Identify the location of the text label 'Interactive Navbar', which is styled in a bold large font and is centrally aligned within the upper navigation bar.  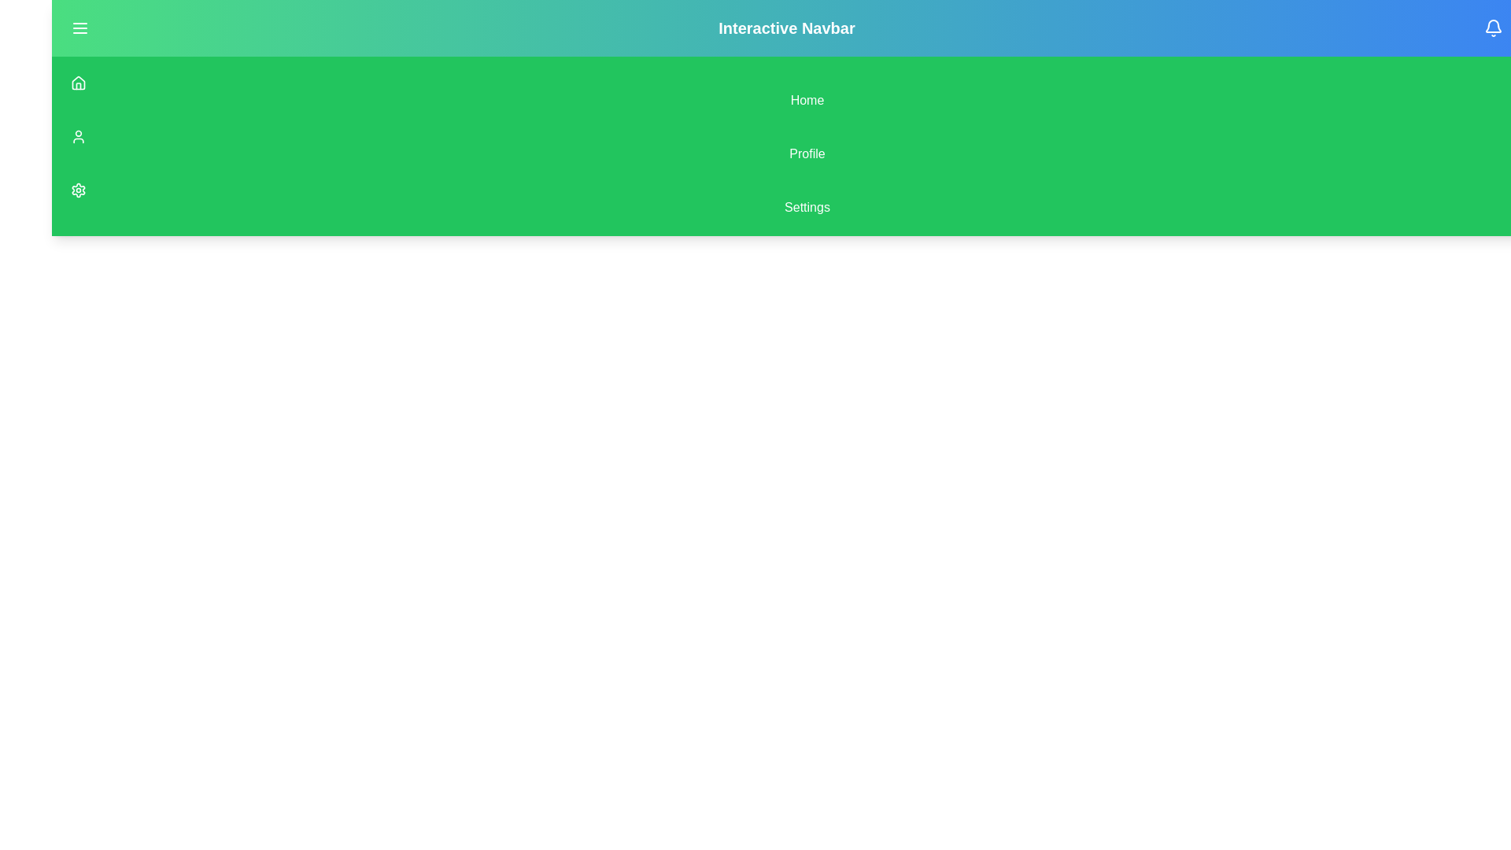
(786, 28).